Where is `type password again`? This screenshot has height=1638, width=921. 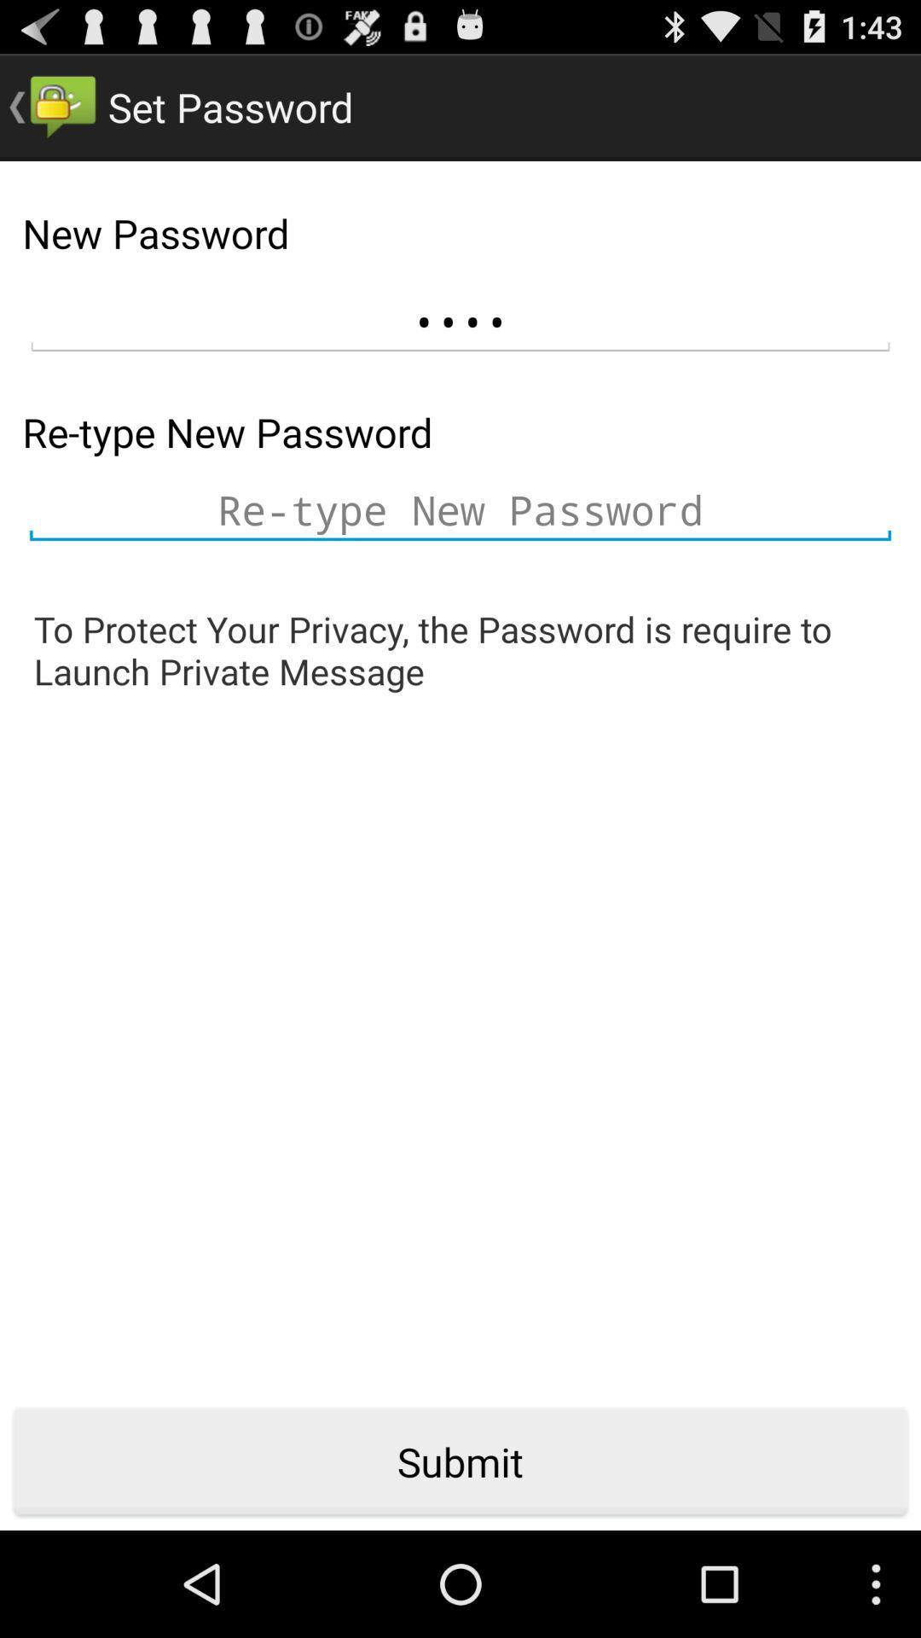
type password again is located at coordinates (460, 508).